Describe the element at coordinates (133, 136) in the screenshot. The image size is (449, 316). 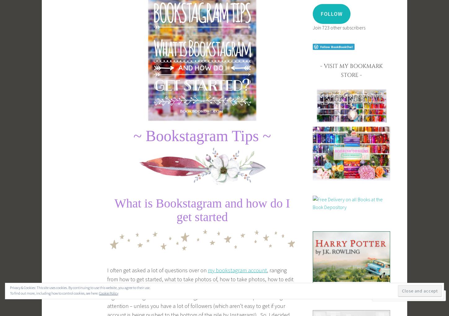
I see `'~ Bookstagram Tips ~'` at that location.